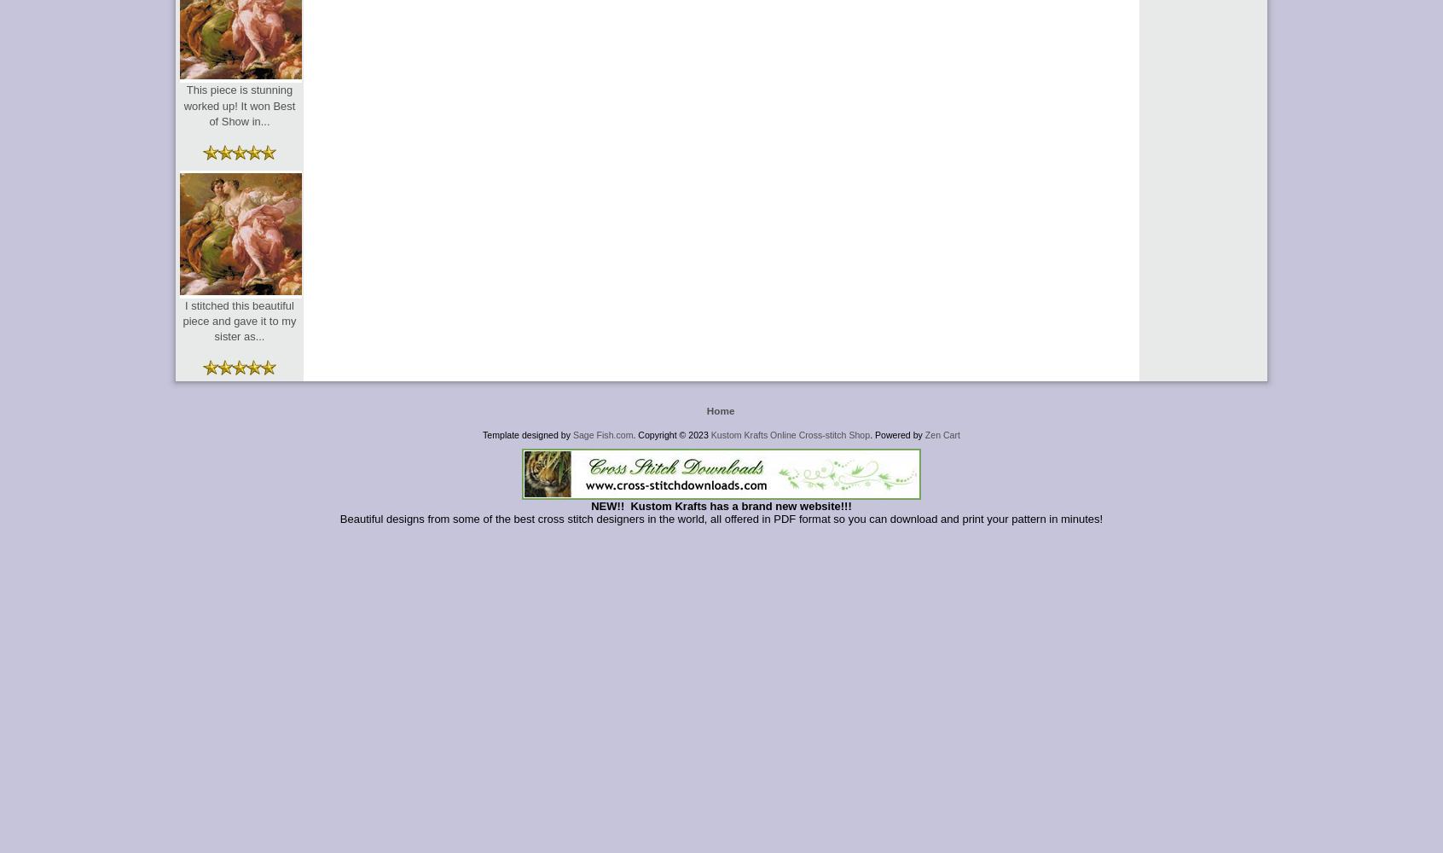 Image resolution: width=1443 pixels, height=853 pixels. I want to click on 'Home', so click(720, 409).